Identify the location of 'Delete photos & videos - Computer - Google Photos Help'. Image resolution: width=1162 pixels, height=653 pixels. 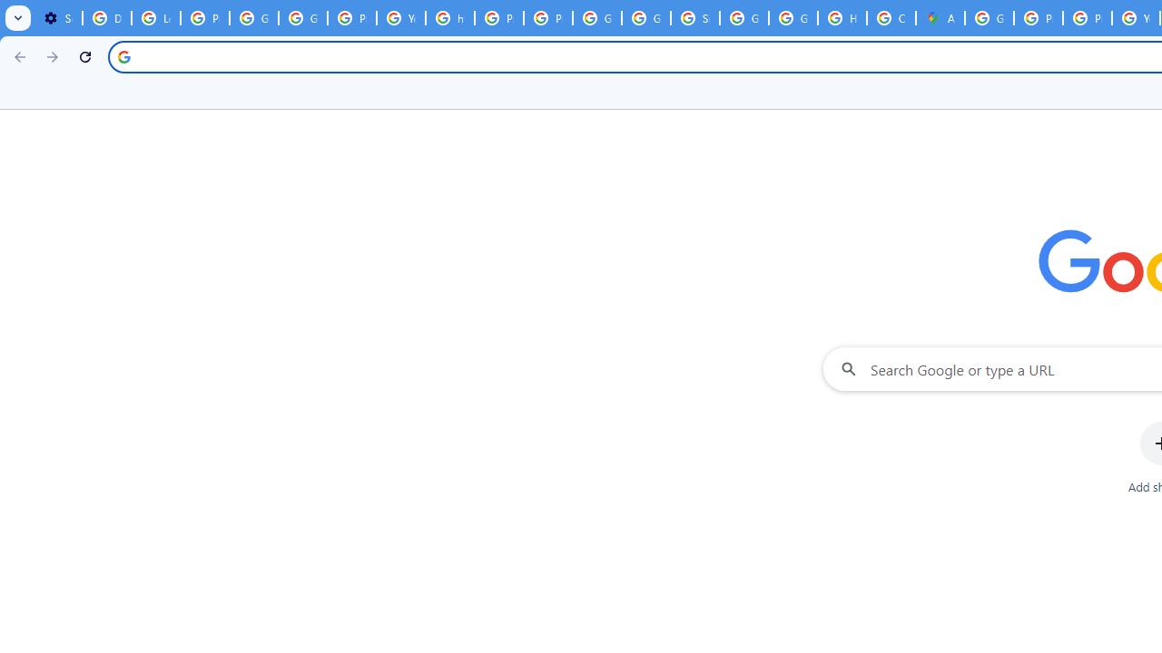
(105, 18).